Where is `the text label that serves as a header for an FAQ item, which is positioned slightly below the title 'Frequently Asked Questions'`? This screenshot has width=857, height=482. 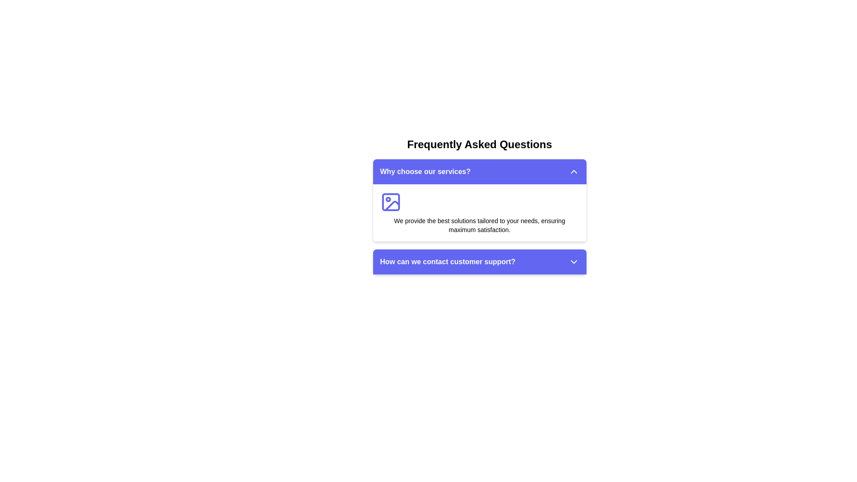
the text label that serves as a header for an FAQ item, which is positioned slightly below the title 'Frequently Asked Questions' is located at coordinates (448, 261).